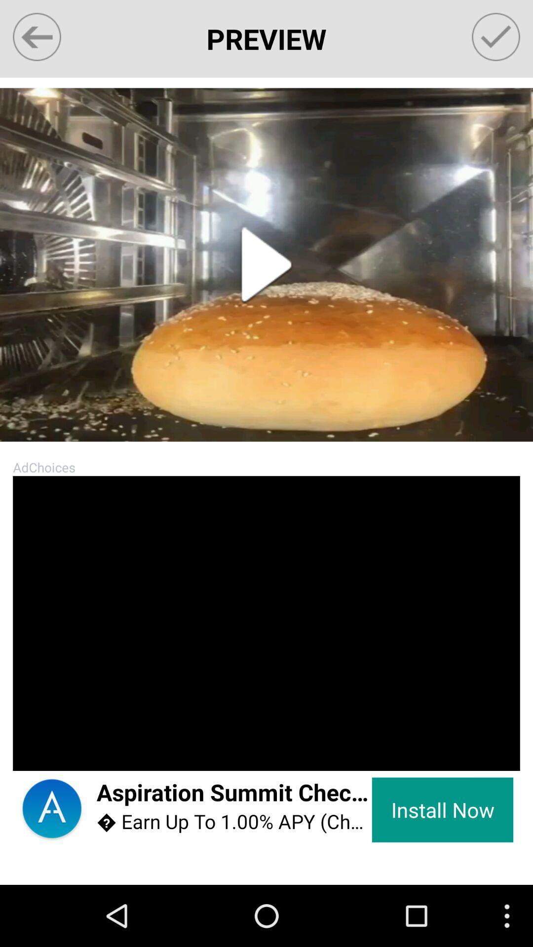 This screenshot has width=533, height=947. Describe the element at coordinates (234, 822) in the screenshot. I see `the item next to the install now` at that location.